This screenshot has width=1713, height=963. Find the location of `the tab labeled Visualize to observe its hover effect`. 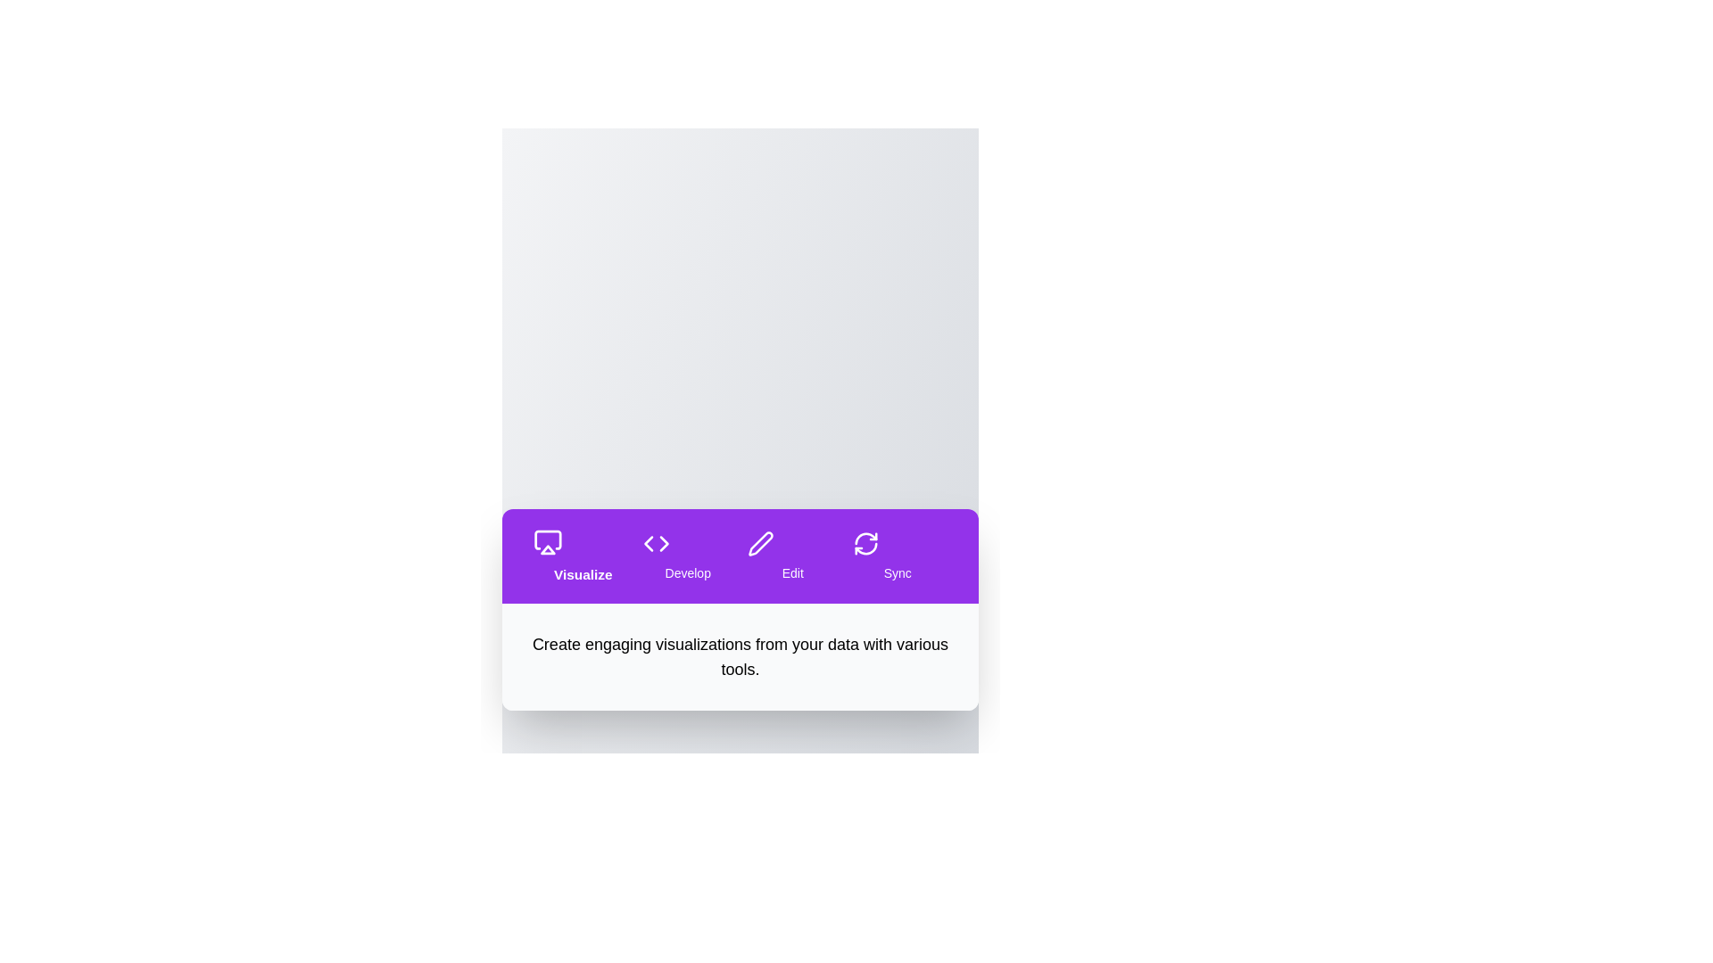

the tab labeled Visualize to observe its hover effect is located at coordinates (583, 556).